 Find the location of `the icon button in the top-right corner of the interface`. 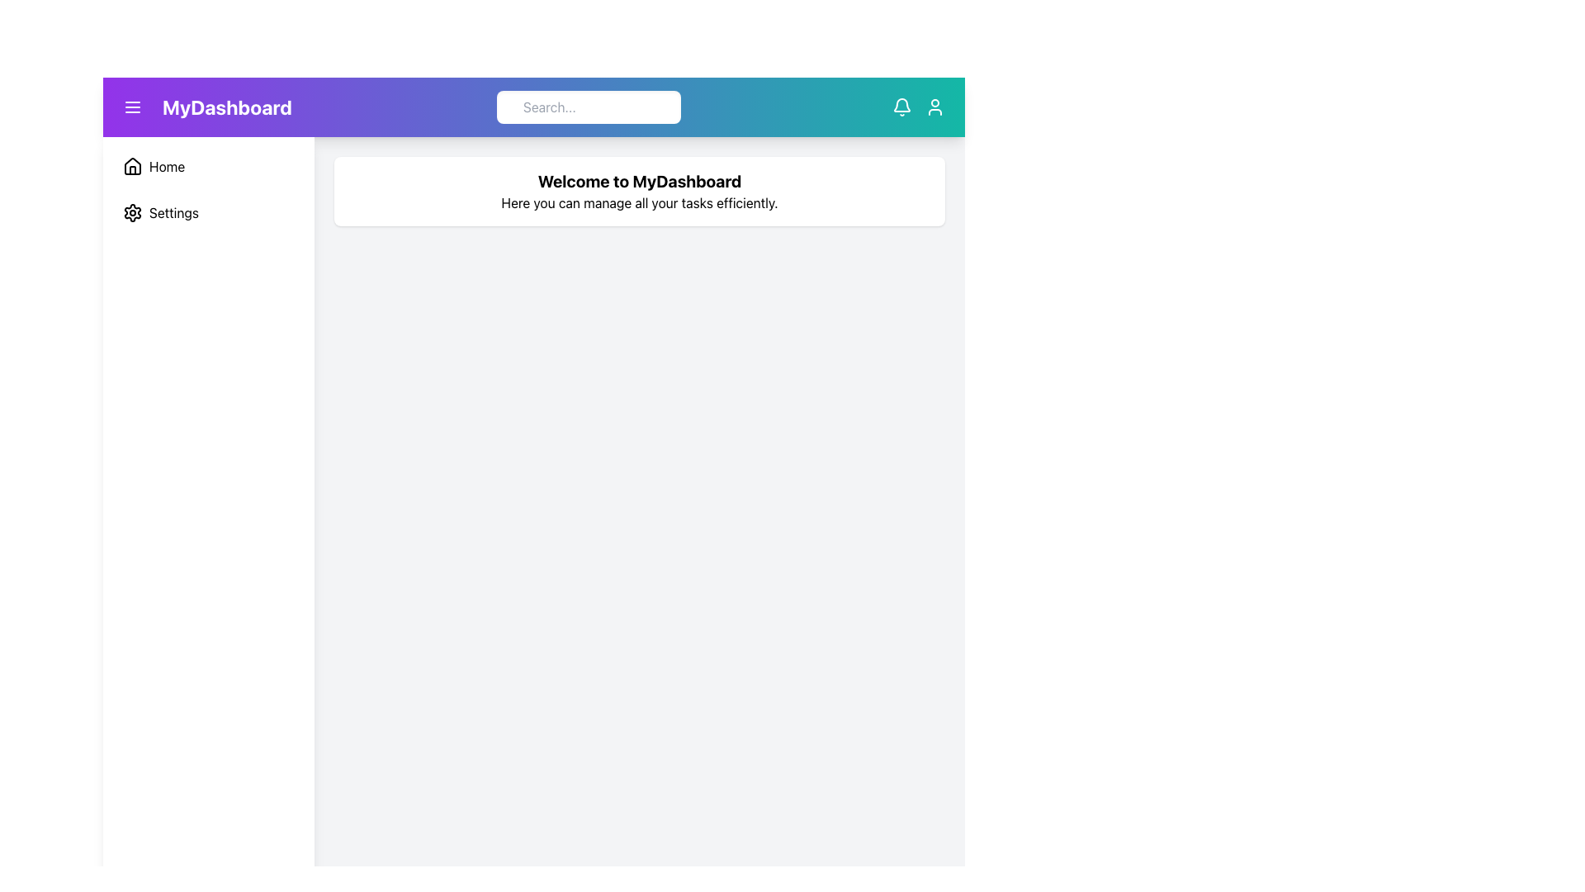

the icon button in the top-right corner of the interface is located at coordinates (934, 107).